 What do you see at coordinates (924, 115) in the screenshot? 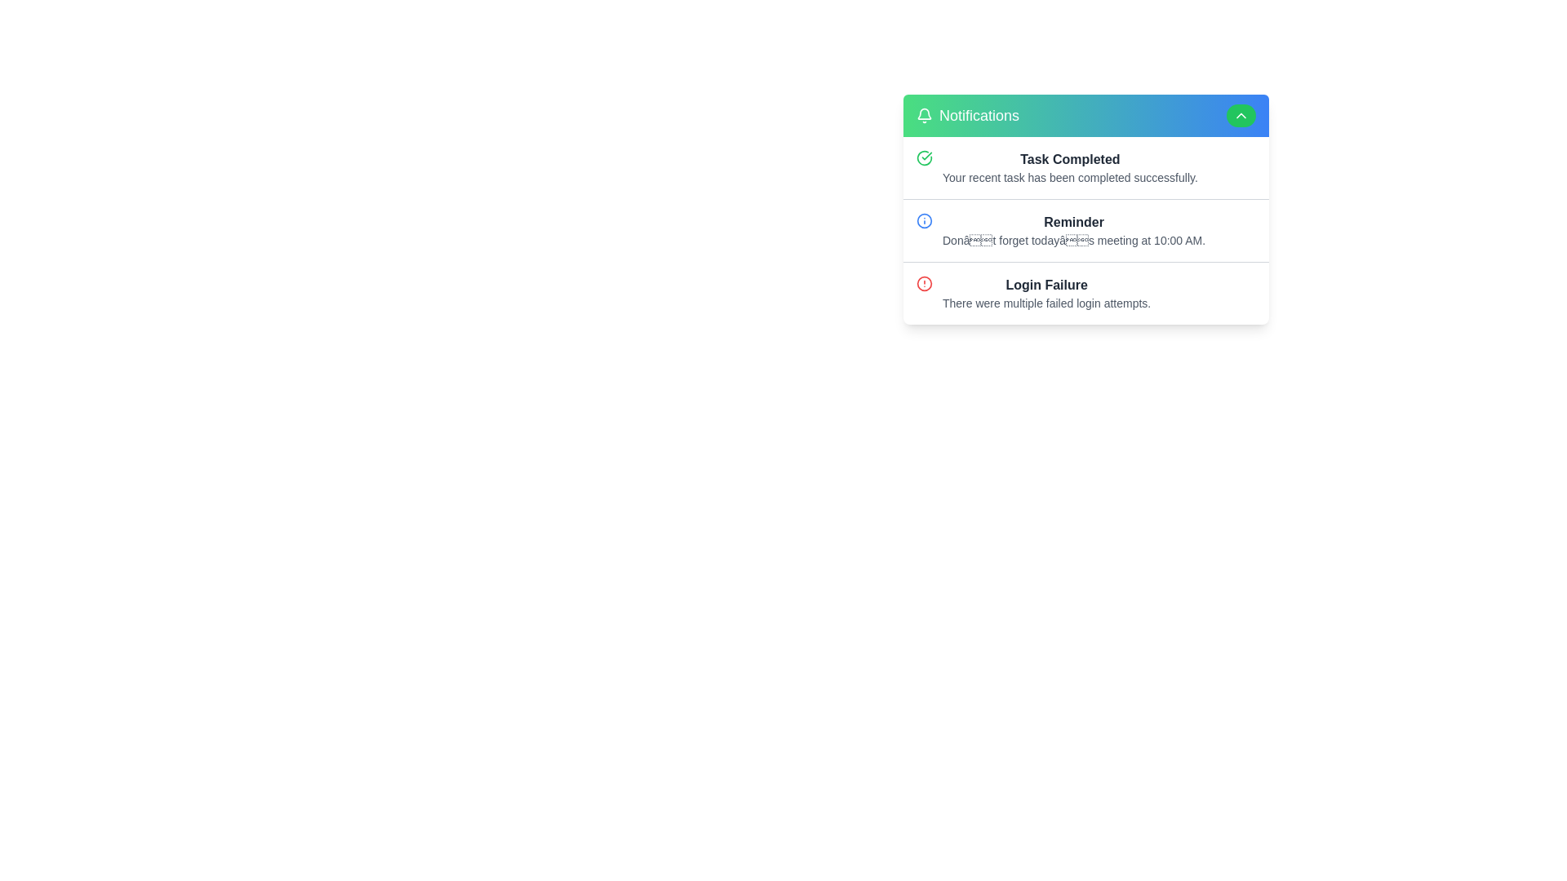
I see `the bell icon located to the left of the 'Notifications' text in the header of the notification panel` at bounding box center [924, 115].